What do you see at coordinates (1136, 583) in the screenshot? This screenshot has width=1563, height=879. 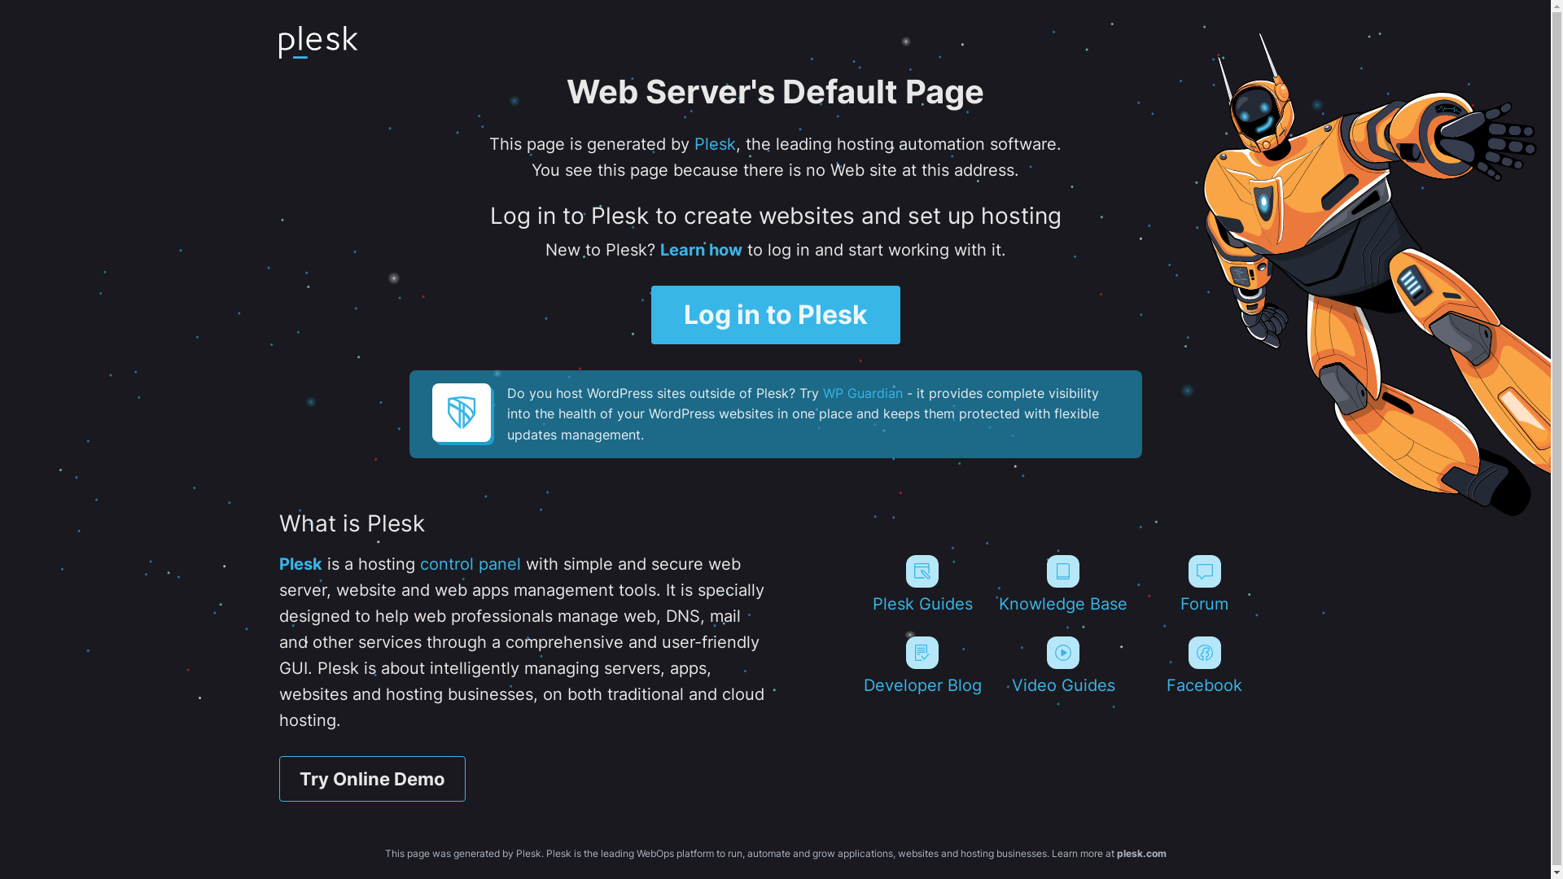 I see `'Forum'` at bounding box center [1136, 583].